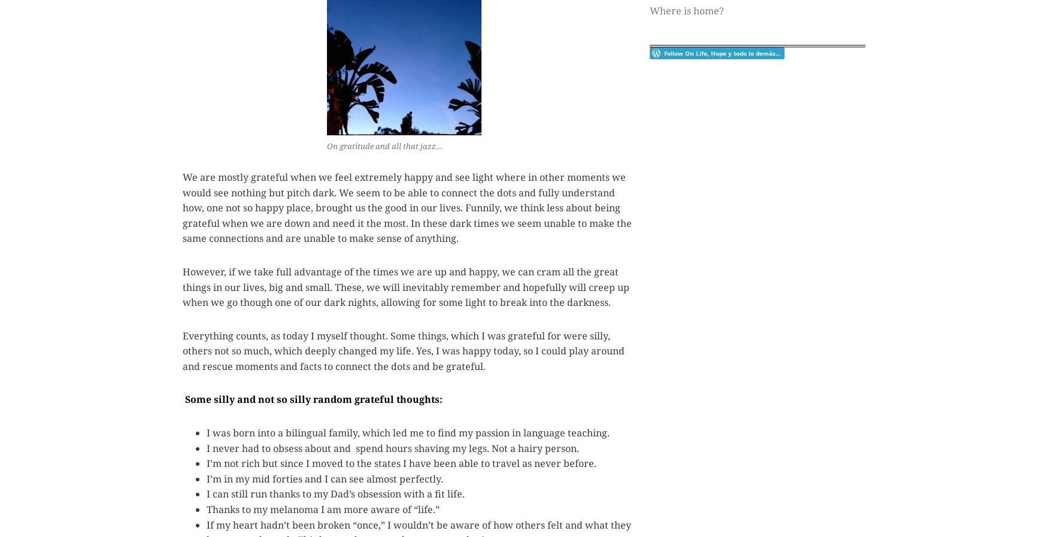 Image resolution: width=1048 pixels, height=537 pixels. I want to click on 'I can still run thanks to my Dad’s obsession with a fit life.', so click(335, 493).